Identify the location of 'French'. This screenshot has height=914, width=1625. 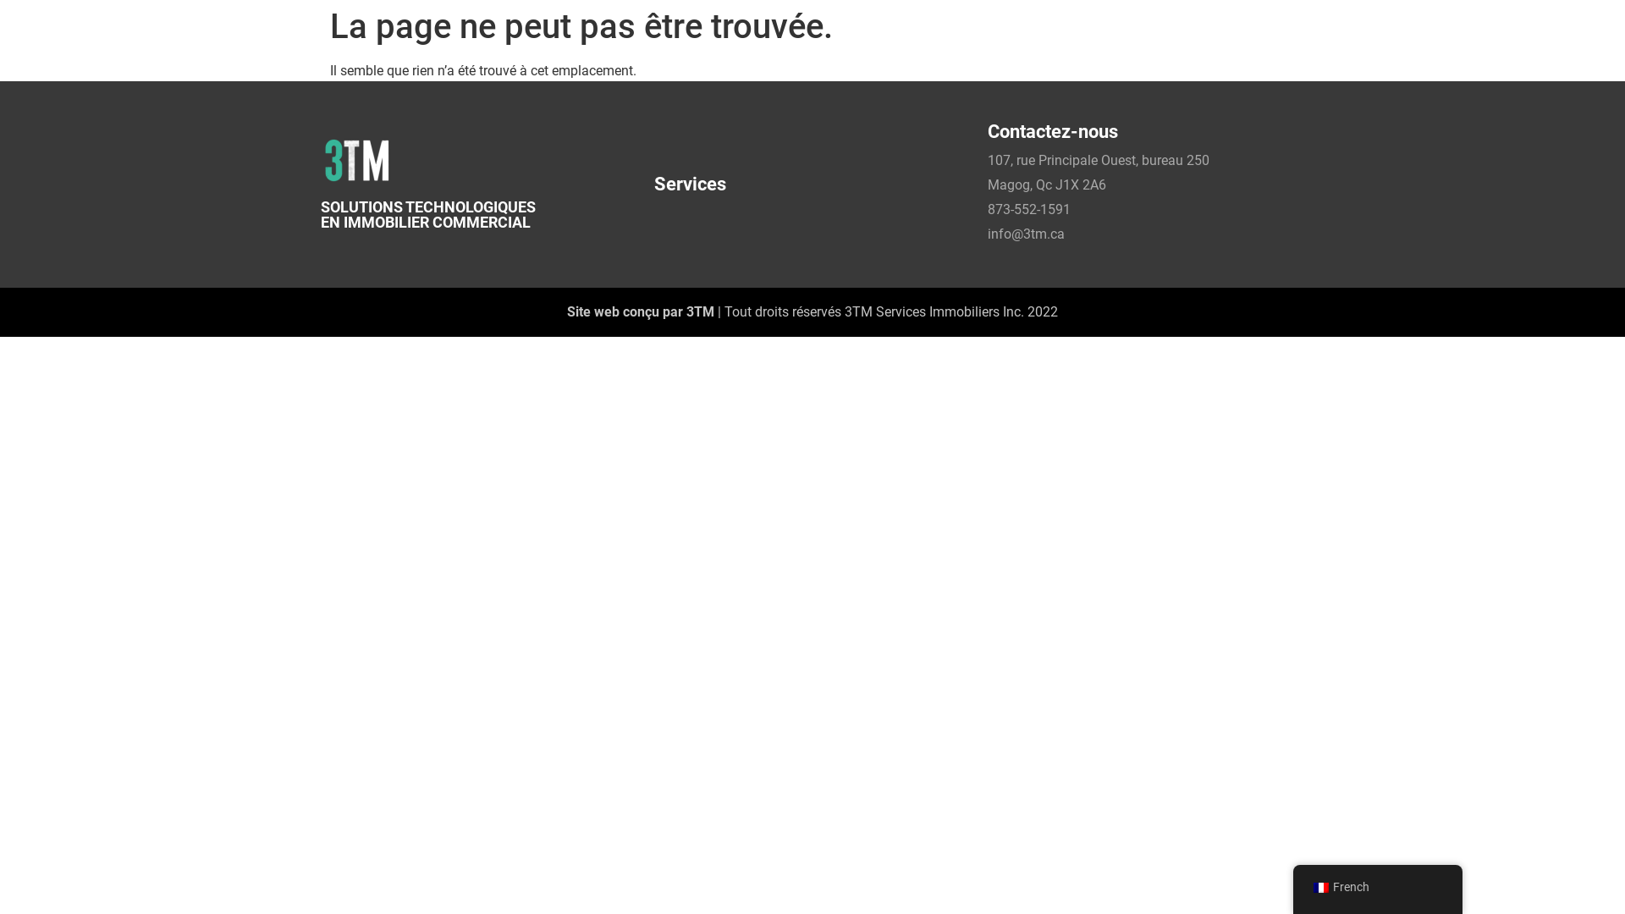
(1377, 887).